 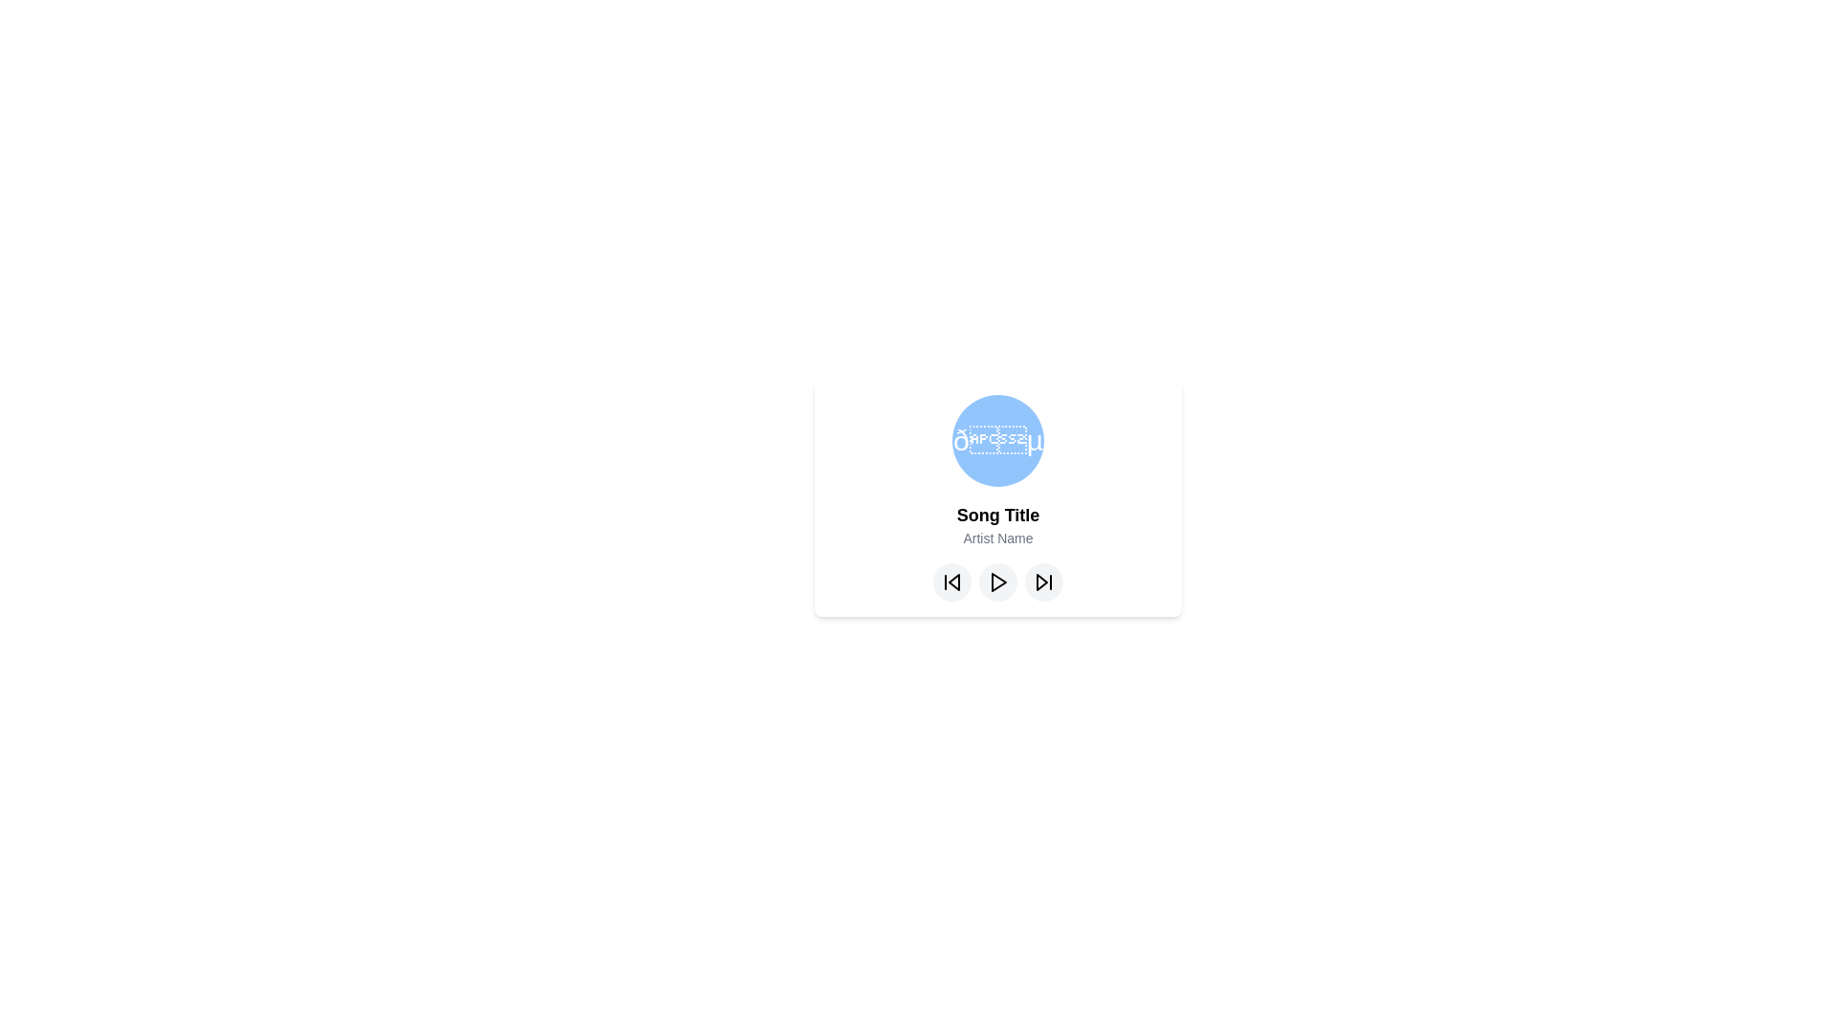 What do you see at coordinates (1042, 582) in the screenshot?
I see `the 'Next' button containing the play-forward icon, which is a circular button with a gray background and a stroked outline` at bounding box center [1042, 582].